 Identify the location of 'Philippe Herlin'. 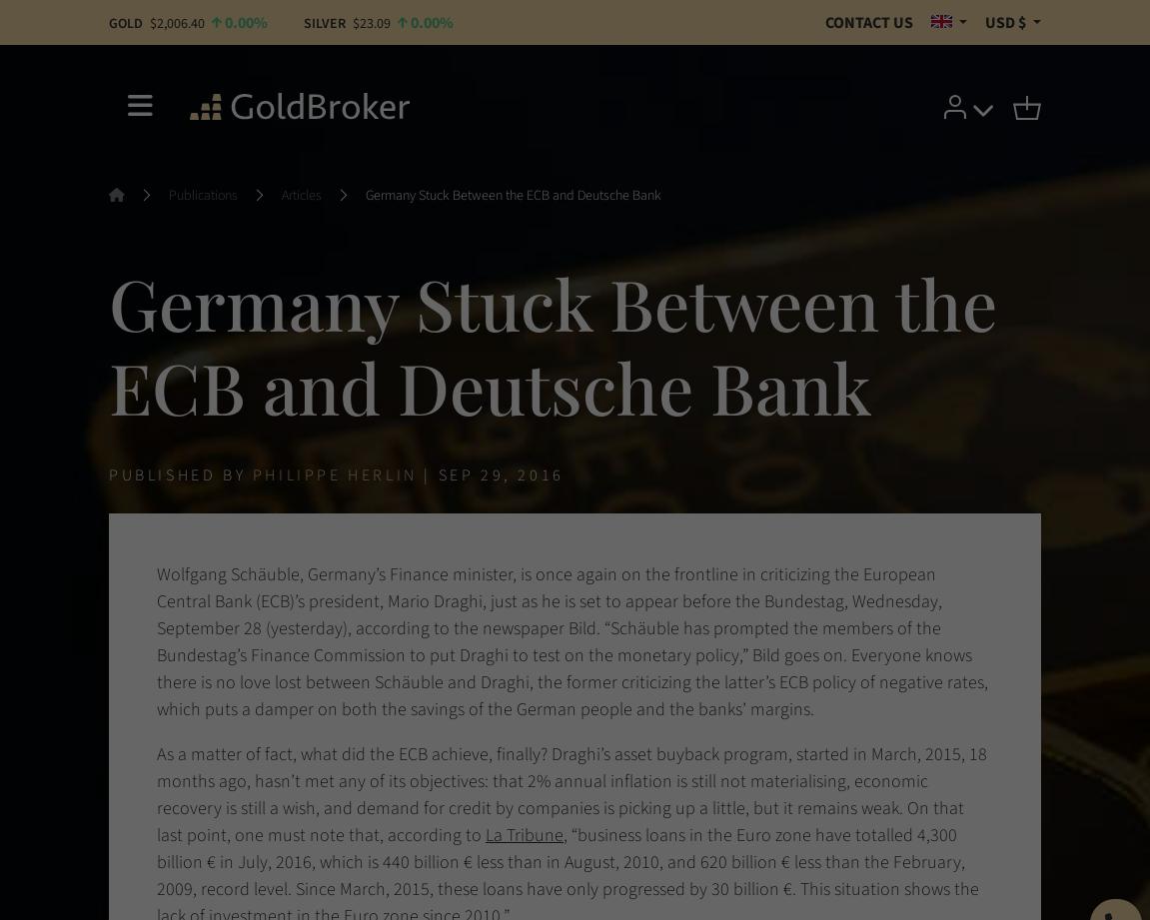
(334, 473).